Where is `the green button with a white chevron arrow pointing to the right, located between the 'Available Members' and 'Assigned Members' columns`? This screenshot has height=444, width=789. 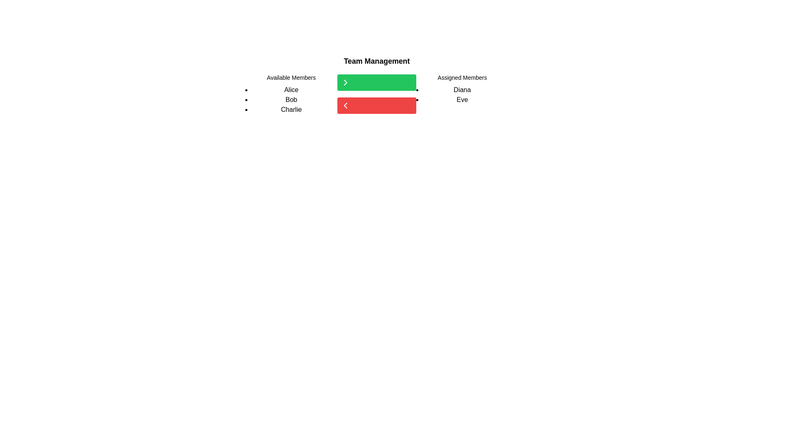 the green button with a white chevron arrow pointing to the right, located between the 'Available Members' and 'Assigned Members' columns is located at coordinates (376, 93).